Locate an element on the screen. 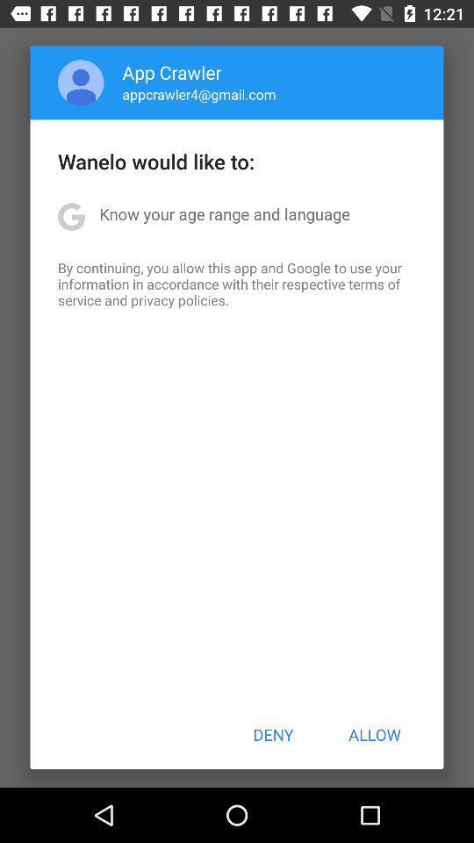 The width and height of the screenshot is (474, 843). the app above the by continuing you item is located at coordinates (225, 213).